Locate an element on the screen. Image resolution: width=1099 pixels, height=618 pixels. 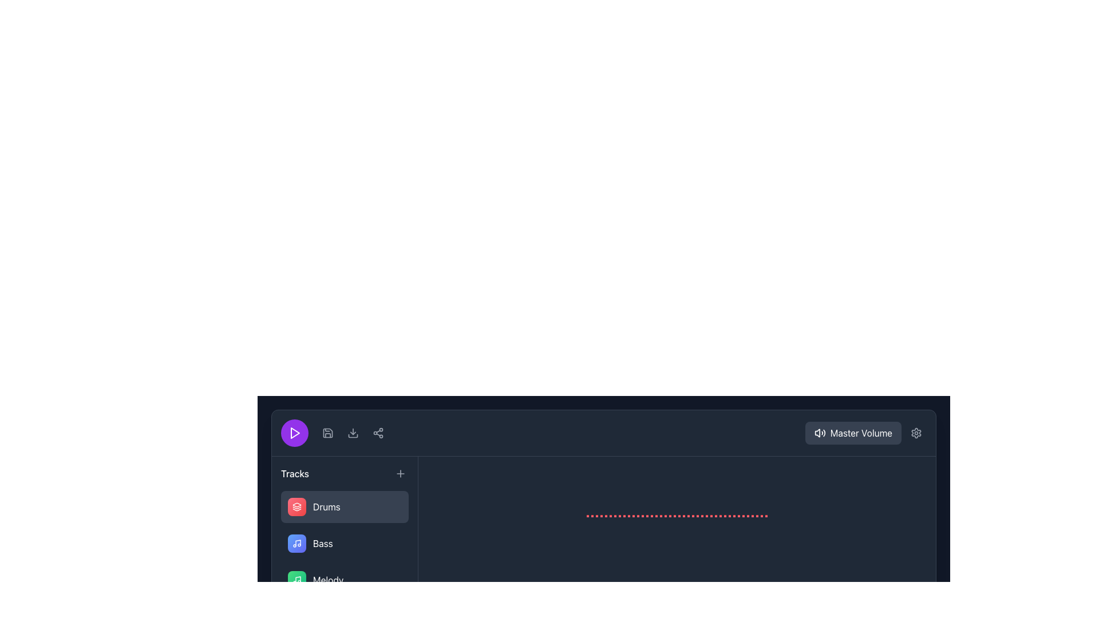
the Icon button resembling a minimalist 'X' shape, located to the right of the labeled item 'Bass' within a list-like interface is located at coordinates (395, 542).